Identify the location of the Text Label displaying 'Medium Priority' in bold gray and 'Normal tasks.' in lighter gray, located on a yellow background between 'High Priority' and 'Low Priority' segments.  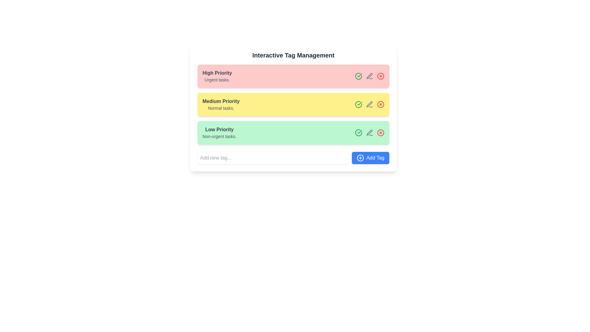
(221, 104).